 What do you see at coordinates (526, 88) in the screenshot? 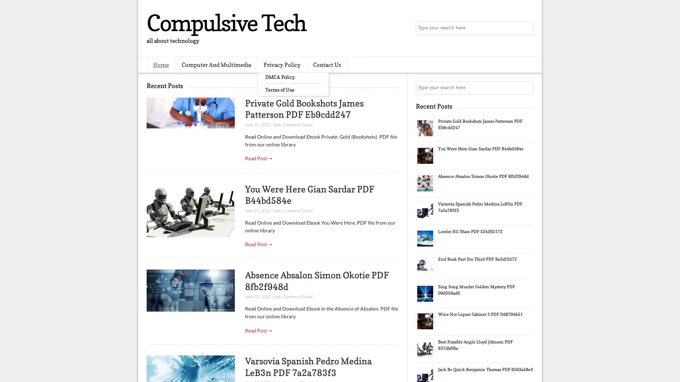
I see `Search` at bounding box center [526, 88].